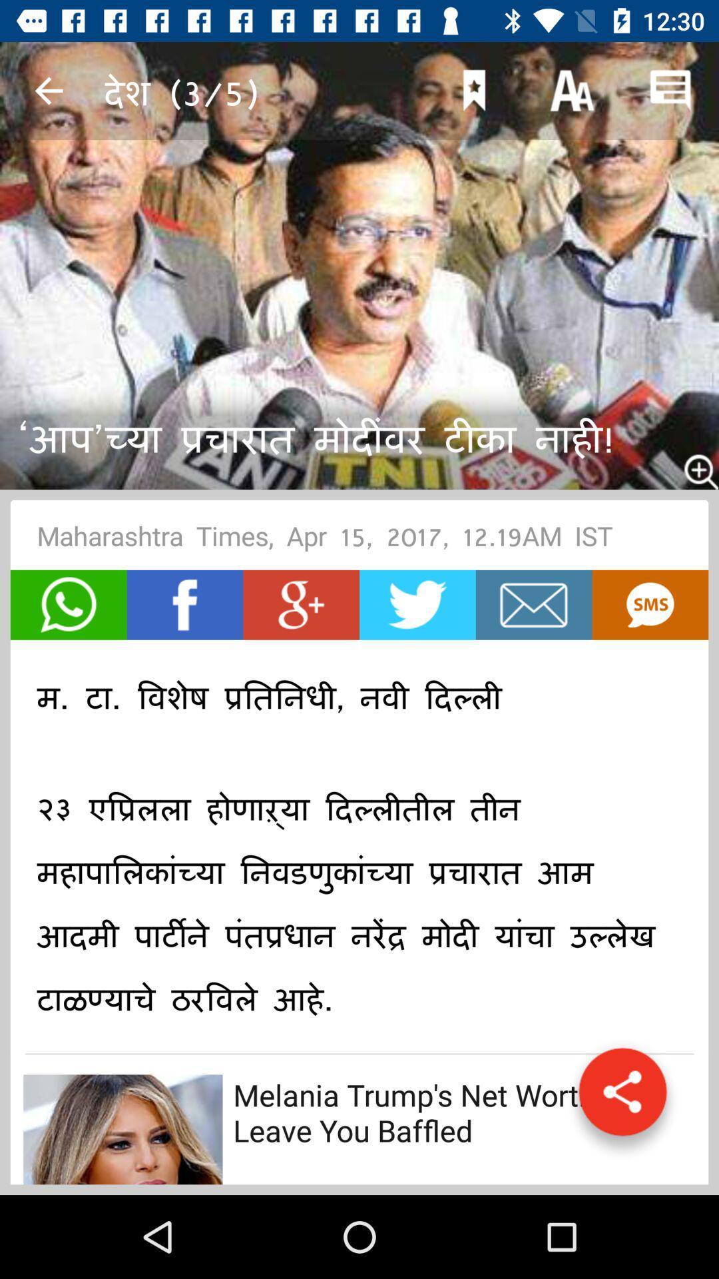  Describe the element at coordinates (184, 604) in the screenshot. I see `facebook` at that location.